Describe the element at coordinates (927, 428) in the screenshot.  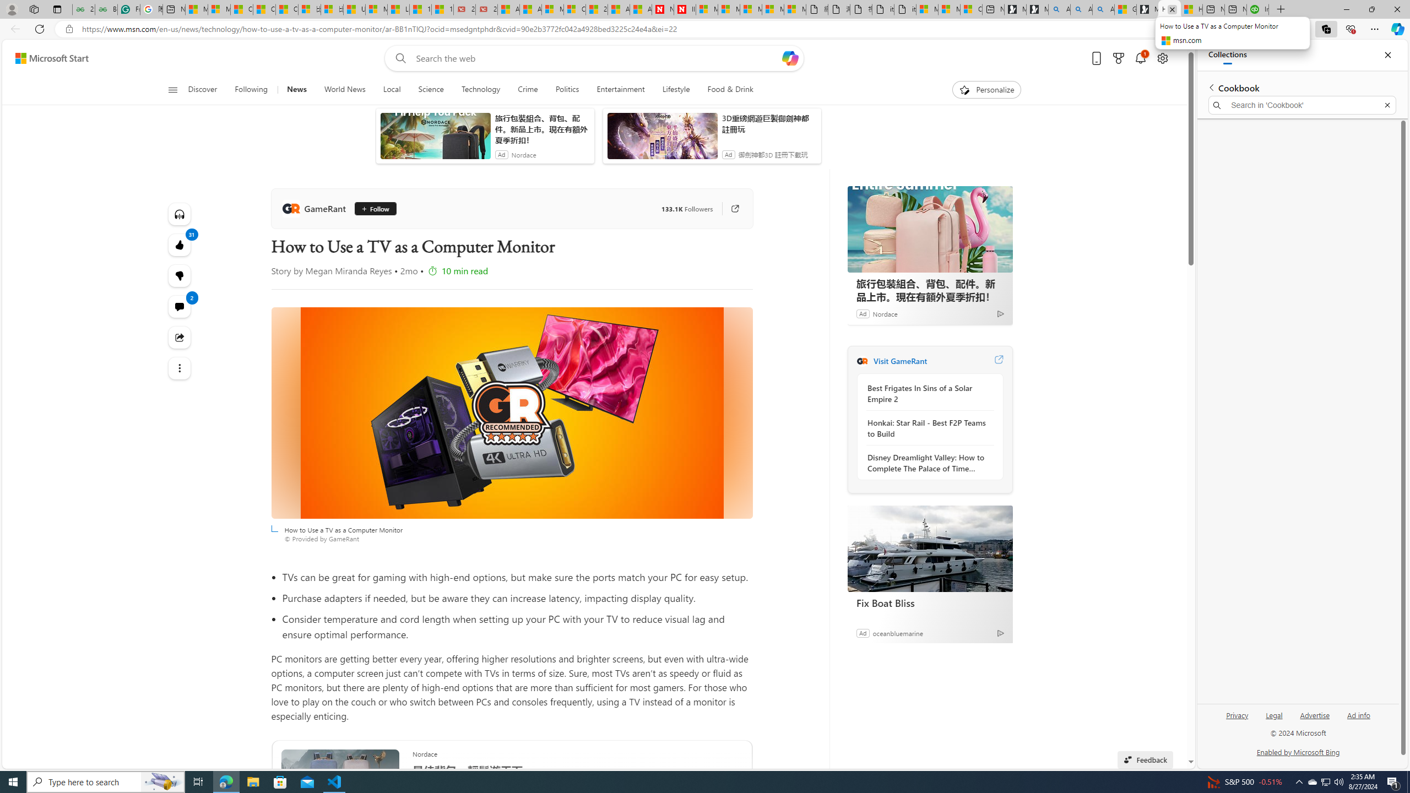
I see `'Honkai: Star Rail - Best F2P Teams to Build'` at that location.